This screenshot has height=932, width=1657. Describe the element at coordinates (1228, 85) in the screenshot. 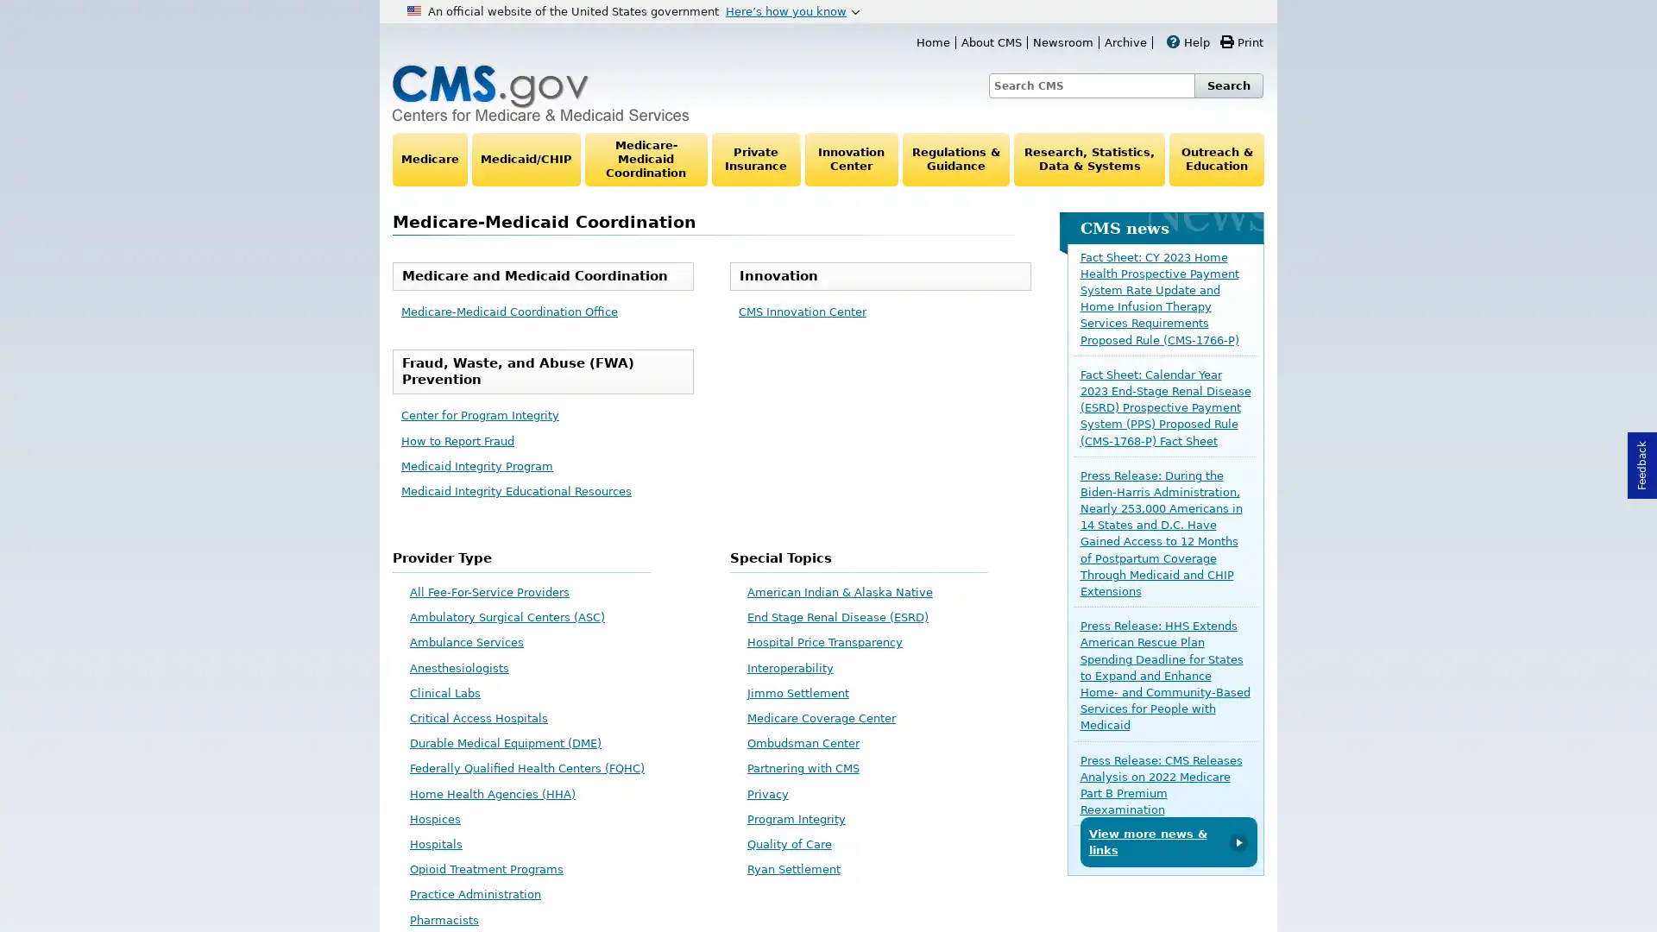

I see `Search` at that location.